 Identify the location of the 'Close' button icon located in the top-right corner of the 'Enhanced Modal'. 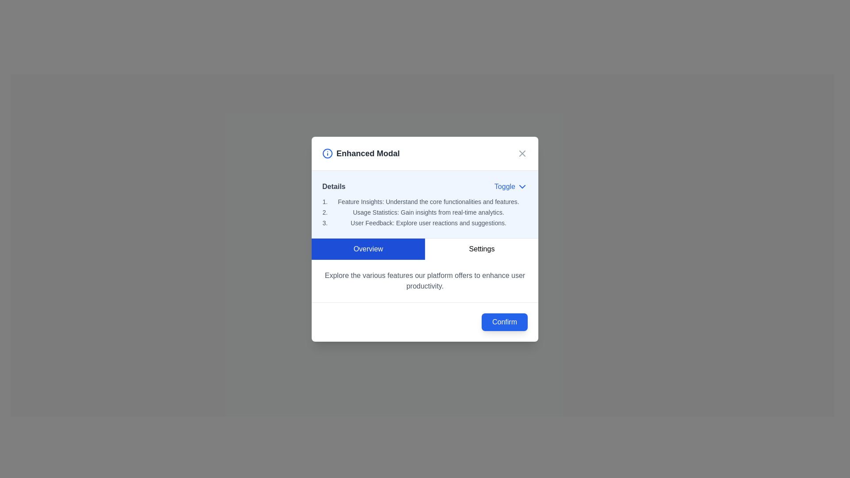
(522, 153).